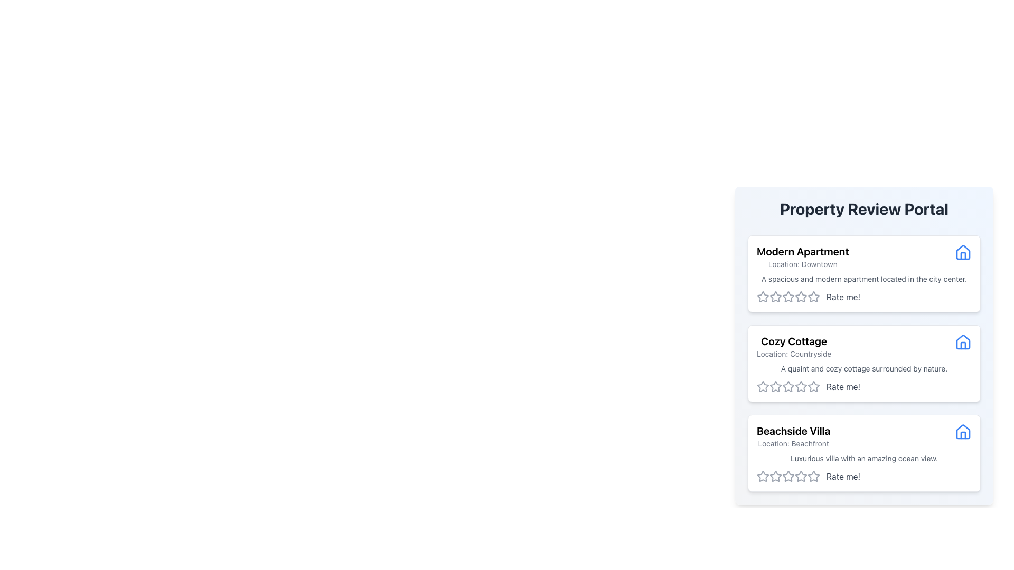  I want to click on the third star icon in the rating system under the 'Rate me!' label of the 'Cozy Cottage' property card, so click(788, 386).